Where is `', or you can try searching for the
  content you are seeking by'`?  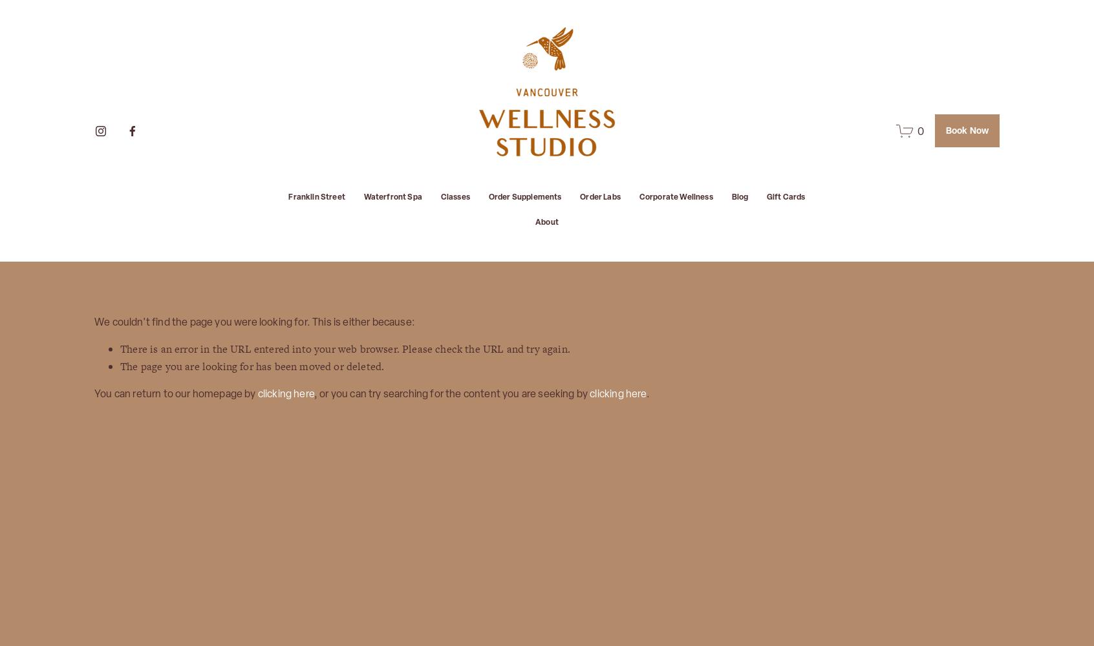 ', or you can try searching for the
  content you are seeking by' is located at coordinates (312, 393).